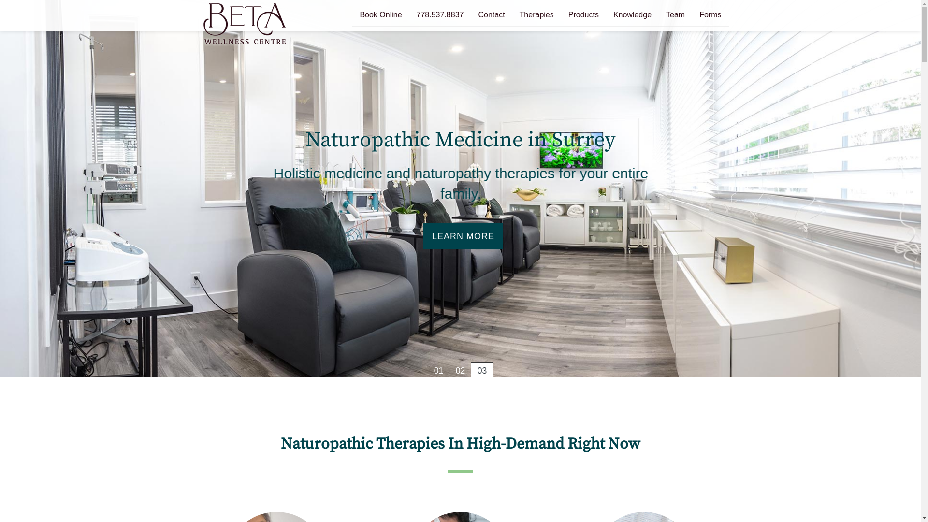 This screenshot has height=522, width=928. What do you see at coordinates (460, 369) in the screenshot?
I see `'02'` at bounding box center [460, 369].